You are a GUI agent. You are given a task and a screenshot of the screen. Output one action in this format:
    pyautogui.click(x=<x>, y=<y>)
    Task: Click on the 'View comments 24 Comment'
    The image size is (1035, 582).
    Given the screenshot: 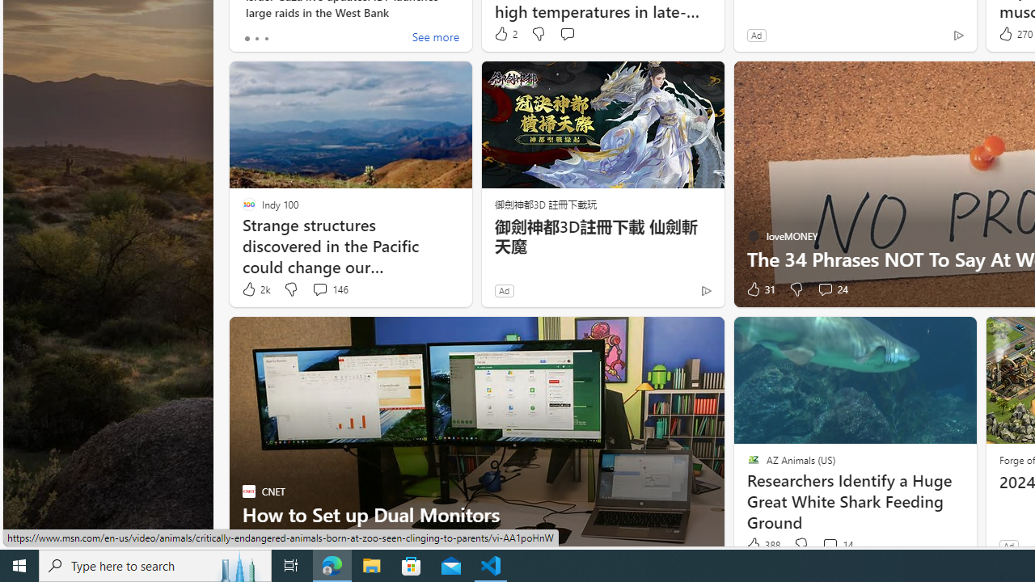 What is the action you would take?
    pyautogui.click(x=832, y=289)
    